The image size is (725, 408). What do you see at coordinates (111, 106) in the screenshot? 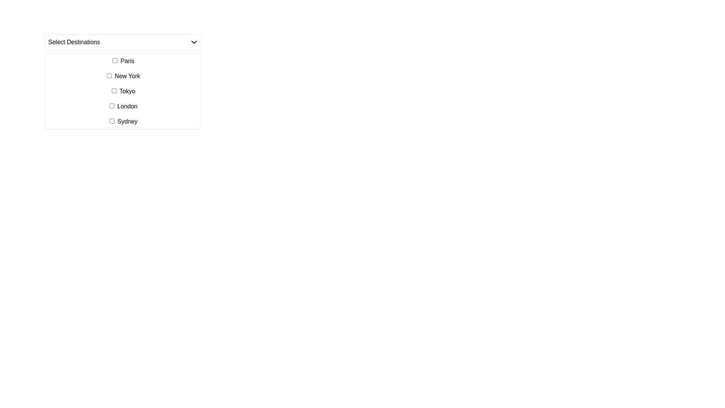
I see `the checkbox located to the left of the text 'London' in the fourth entry of the selectable options list` at bounding box center [111, 106].